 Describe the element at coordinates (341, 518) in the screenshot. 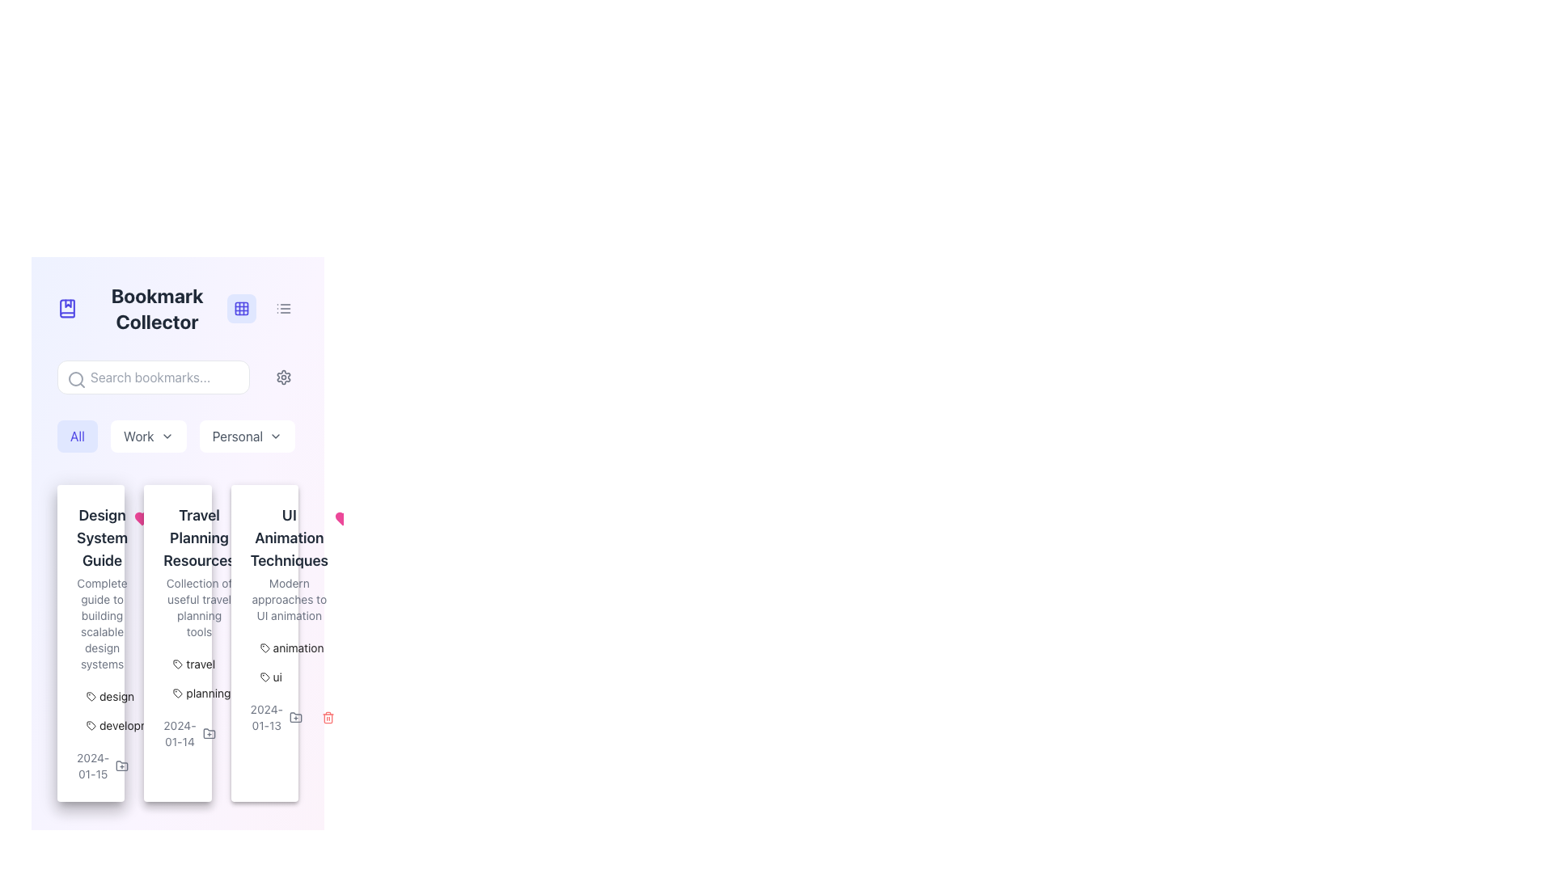

I see `the favorite button located at the upper right region of the card titled 'UI Animation Techniques' to potentially reveal additional information` at that location.